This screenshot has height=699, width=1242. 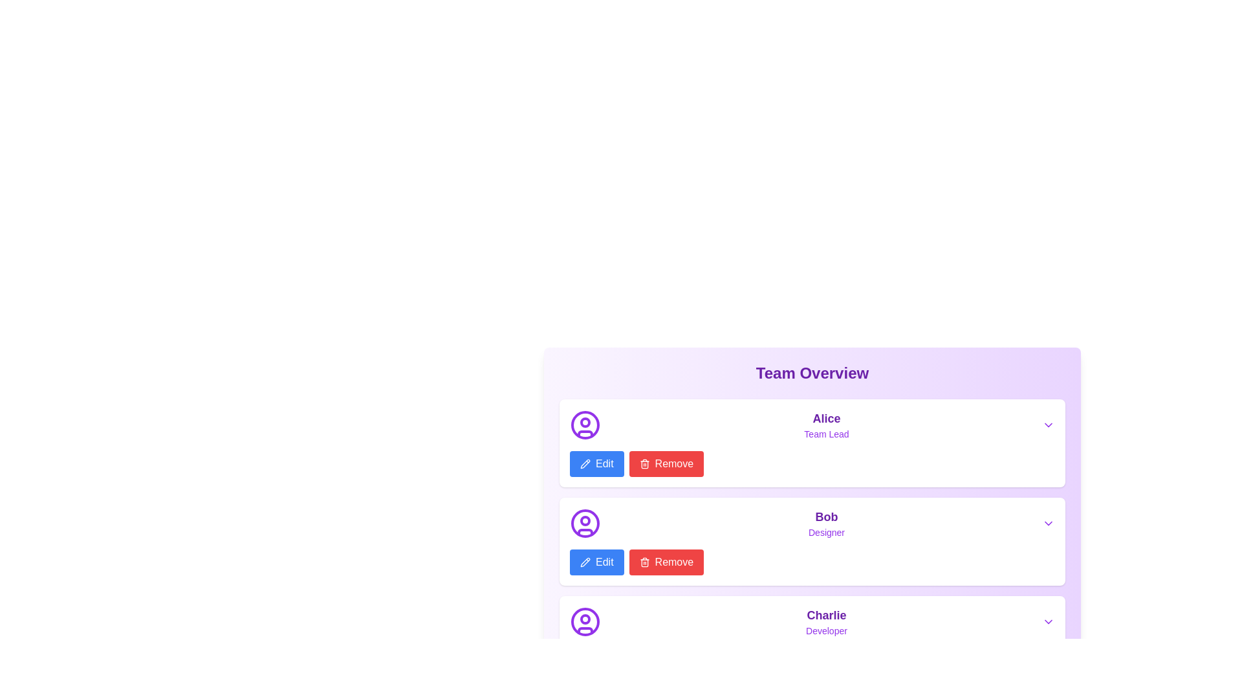 What do you see at coordinates (825, 523) in the screenshot?
I see `the text display showing a team member's name and role` at bounding box center [825, 523].